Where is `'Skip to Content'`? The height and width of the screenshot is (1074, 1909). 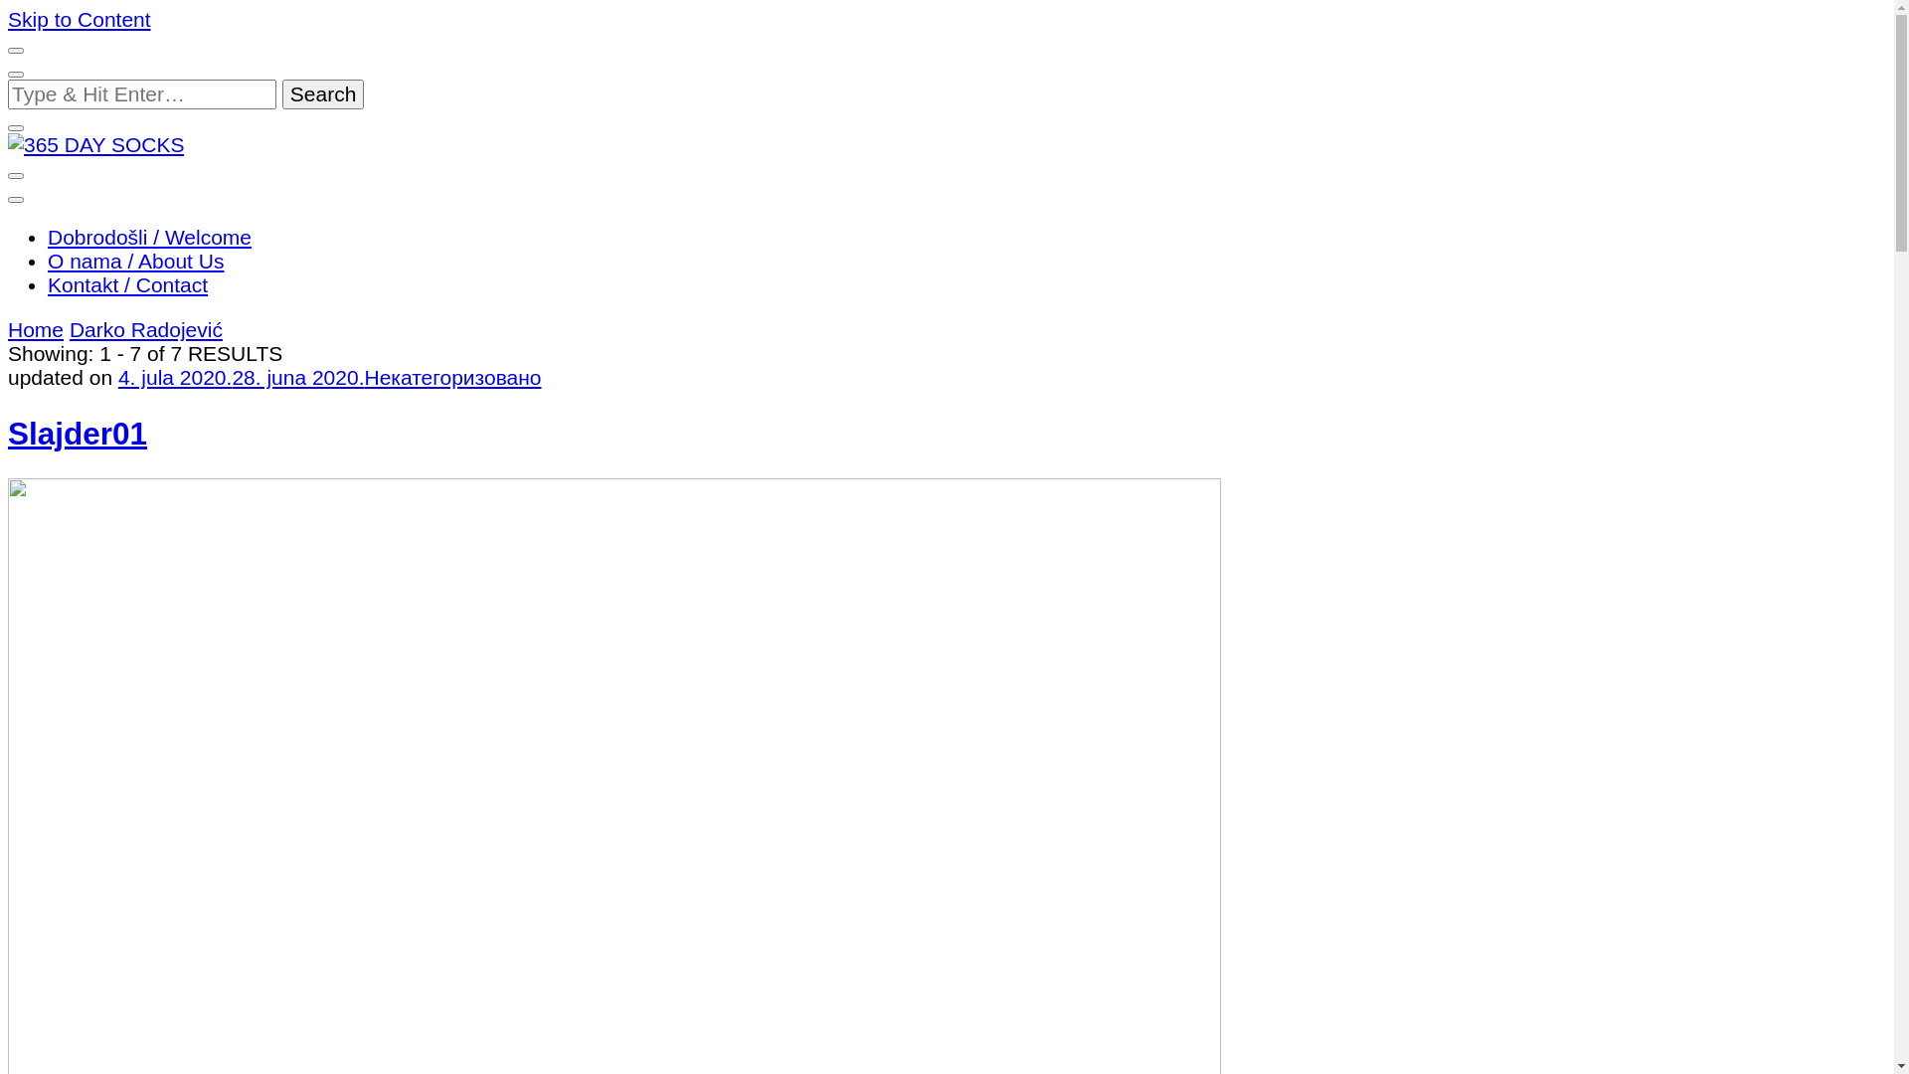 'Skip to Content' is located at coordinates (80, 19).